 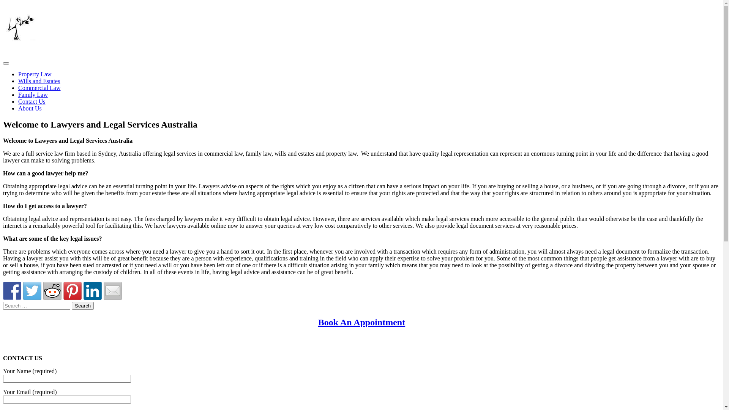 What do you see at coordinates (34, 74) in the screenshot?
I see `'Property Law'` at bounding box center [34, 74].